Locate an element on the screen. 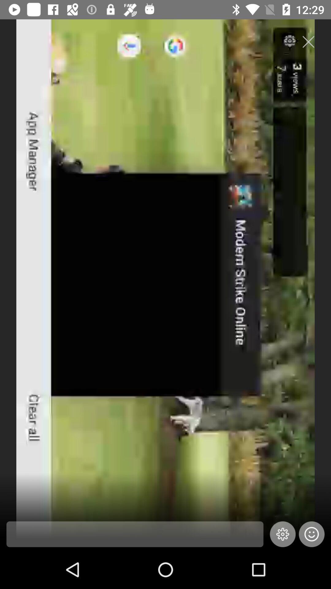 Image resolution: width=331 pixels, height=589 pixels. the emoji icon is located at coordinates (312, 534).